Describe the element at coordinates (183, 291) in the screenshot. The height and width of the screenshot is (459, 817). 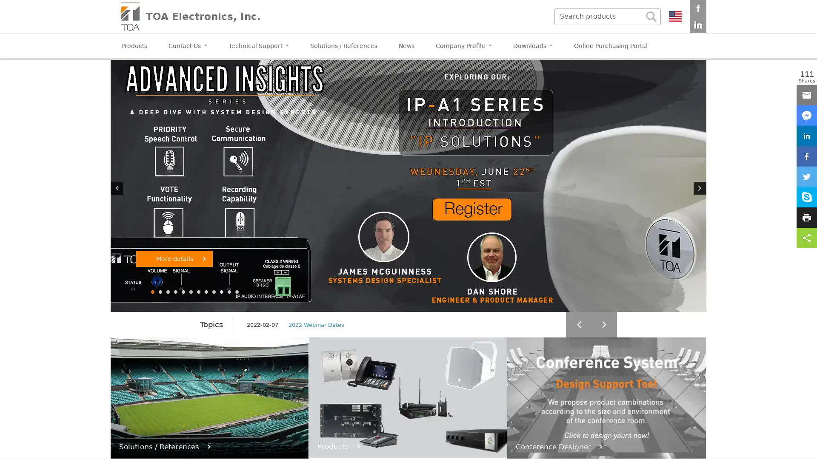
I see `5` at that location.